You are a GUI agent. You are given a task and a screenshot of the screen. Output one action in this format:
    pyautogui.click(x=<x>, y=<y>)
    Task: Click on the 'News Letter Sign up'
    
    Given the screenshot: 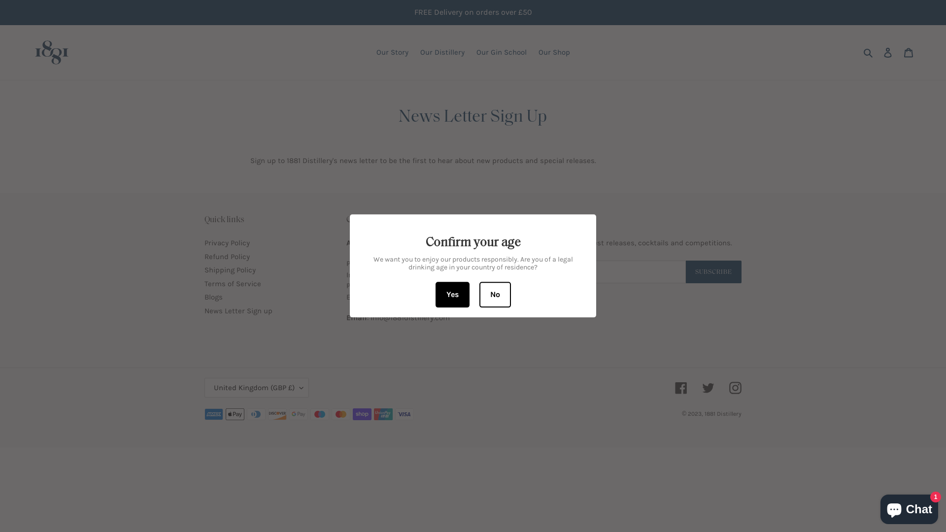 What is the action you would take?
    pyautogui.click(x=238, y=311)
    